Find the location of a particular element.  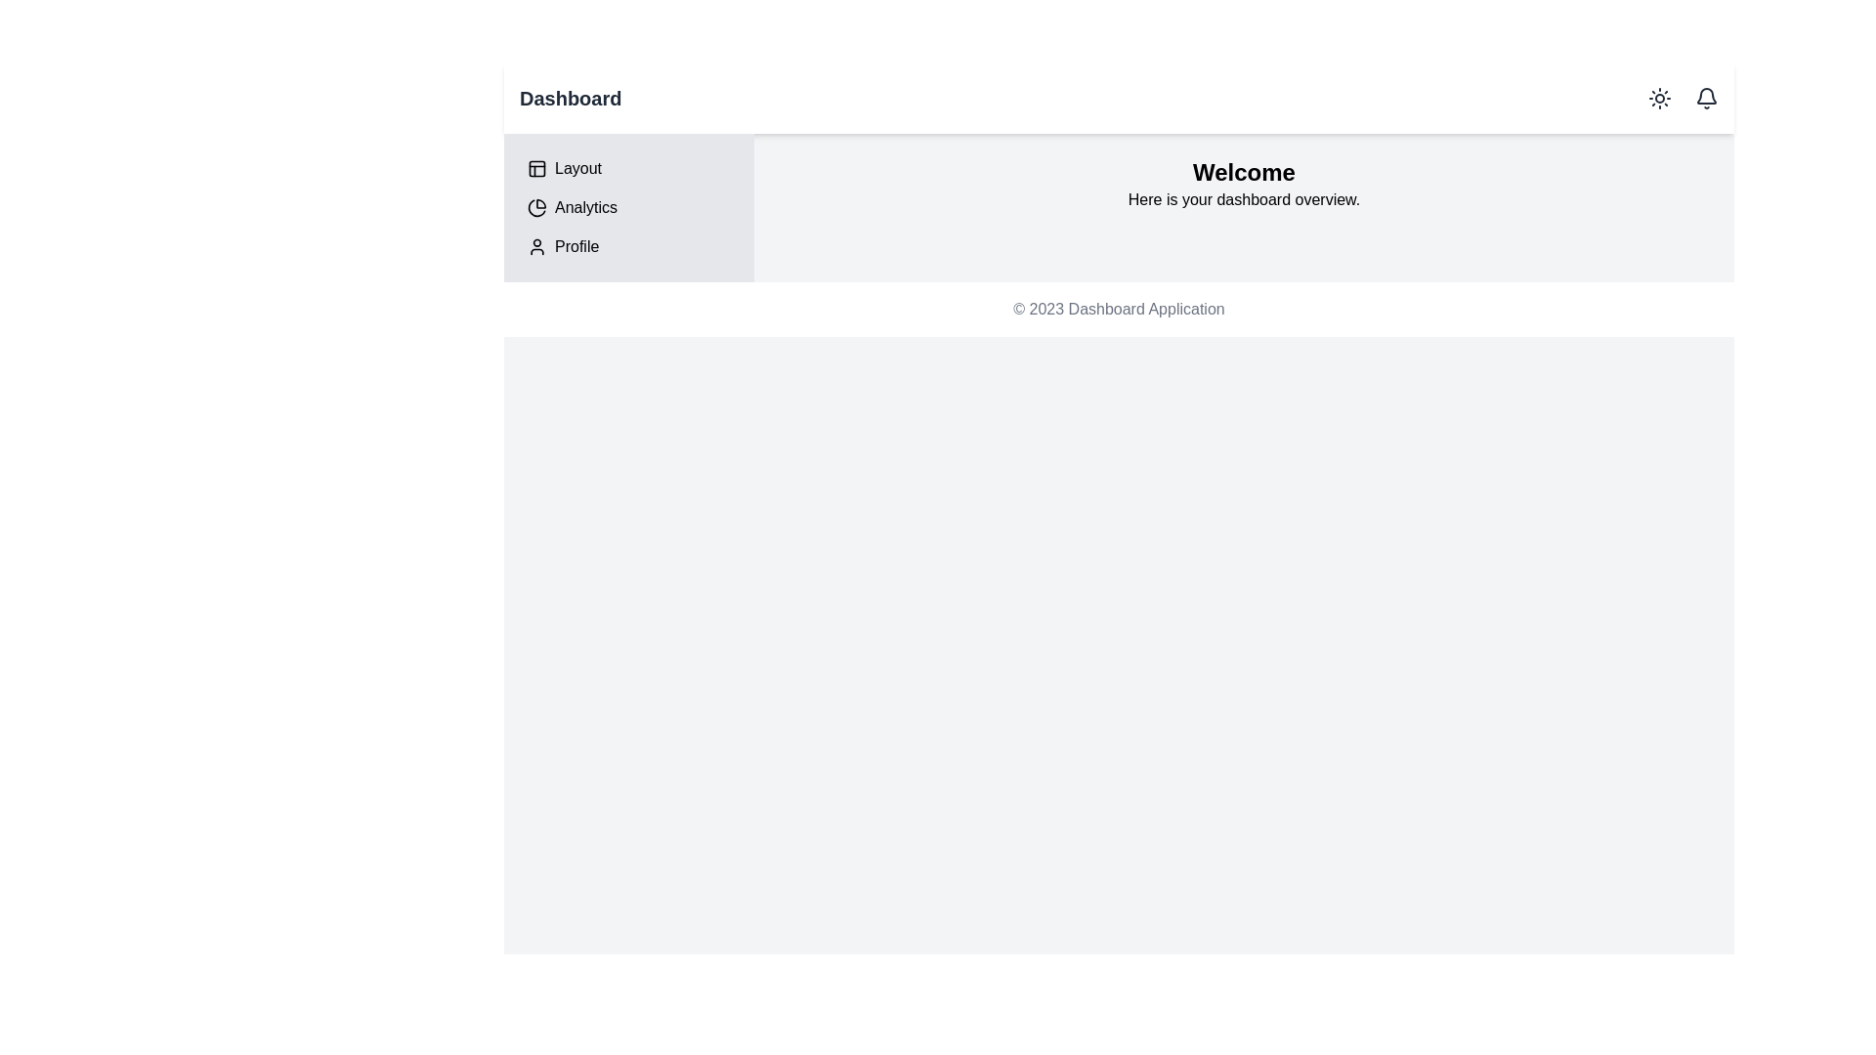

the analytics icon located to the left of the 'Analytics' label in the vertical menu is located at coordinates (537, 207).